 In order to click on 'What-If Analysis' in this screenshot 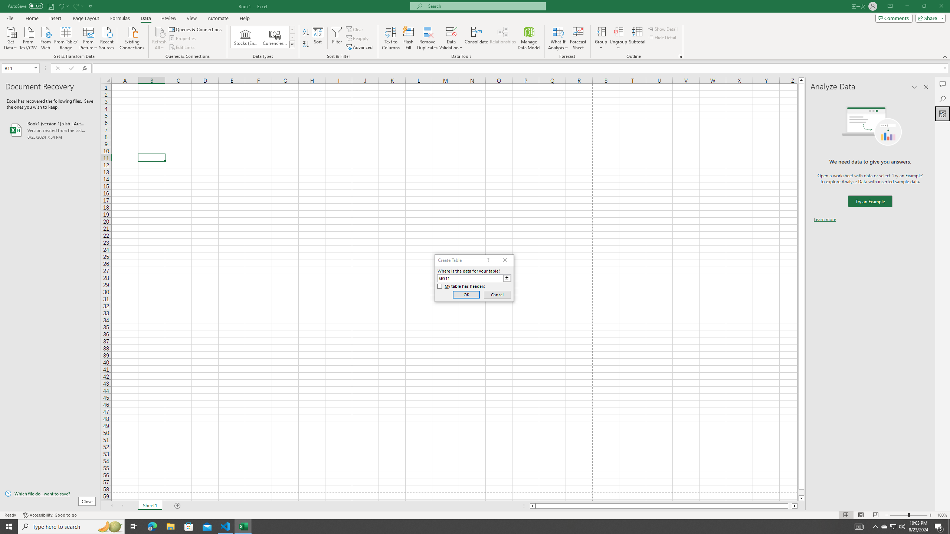, I will do `click(558, 38)`.